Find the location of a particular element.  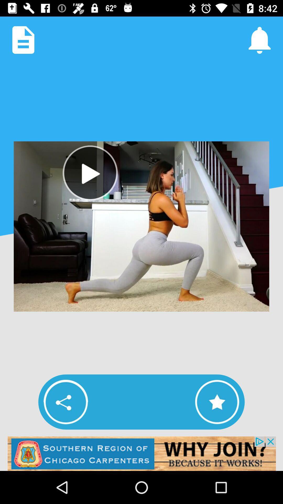

the star icon is located at coordinates (217, 402).